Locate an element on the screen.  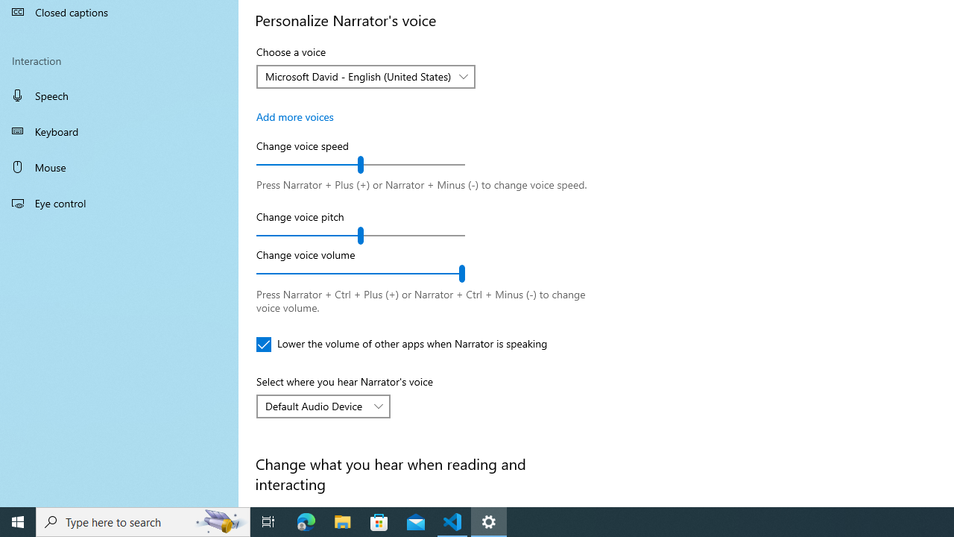
'Change voice pitch' is located at coordinates (361, 235).